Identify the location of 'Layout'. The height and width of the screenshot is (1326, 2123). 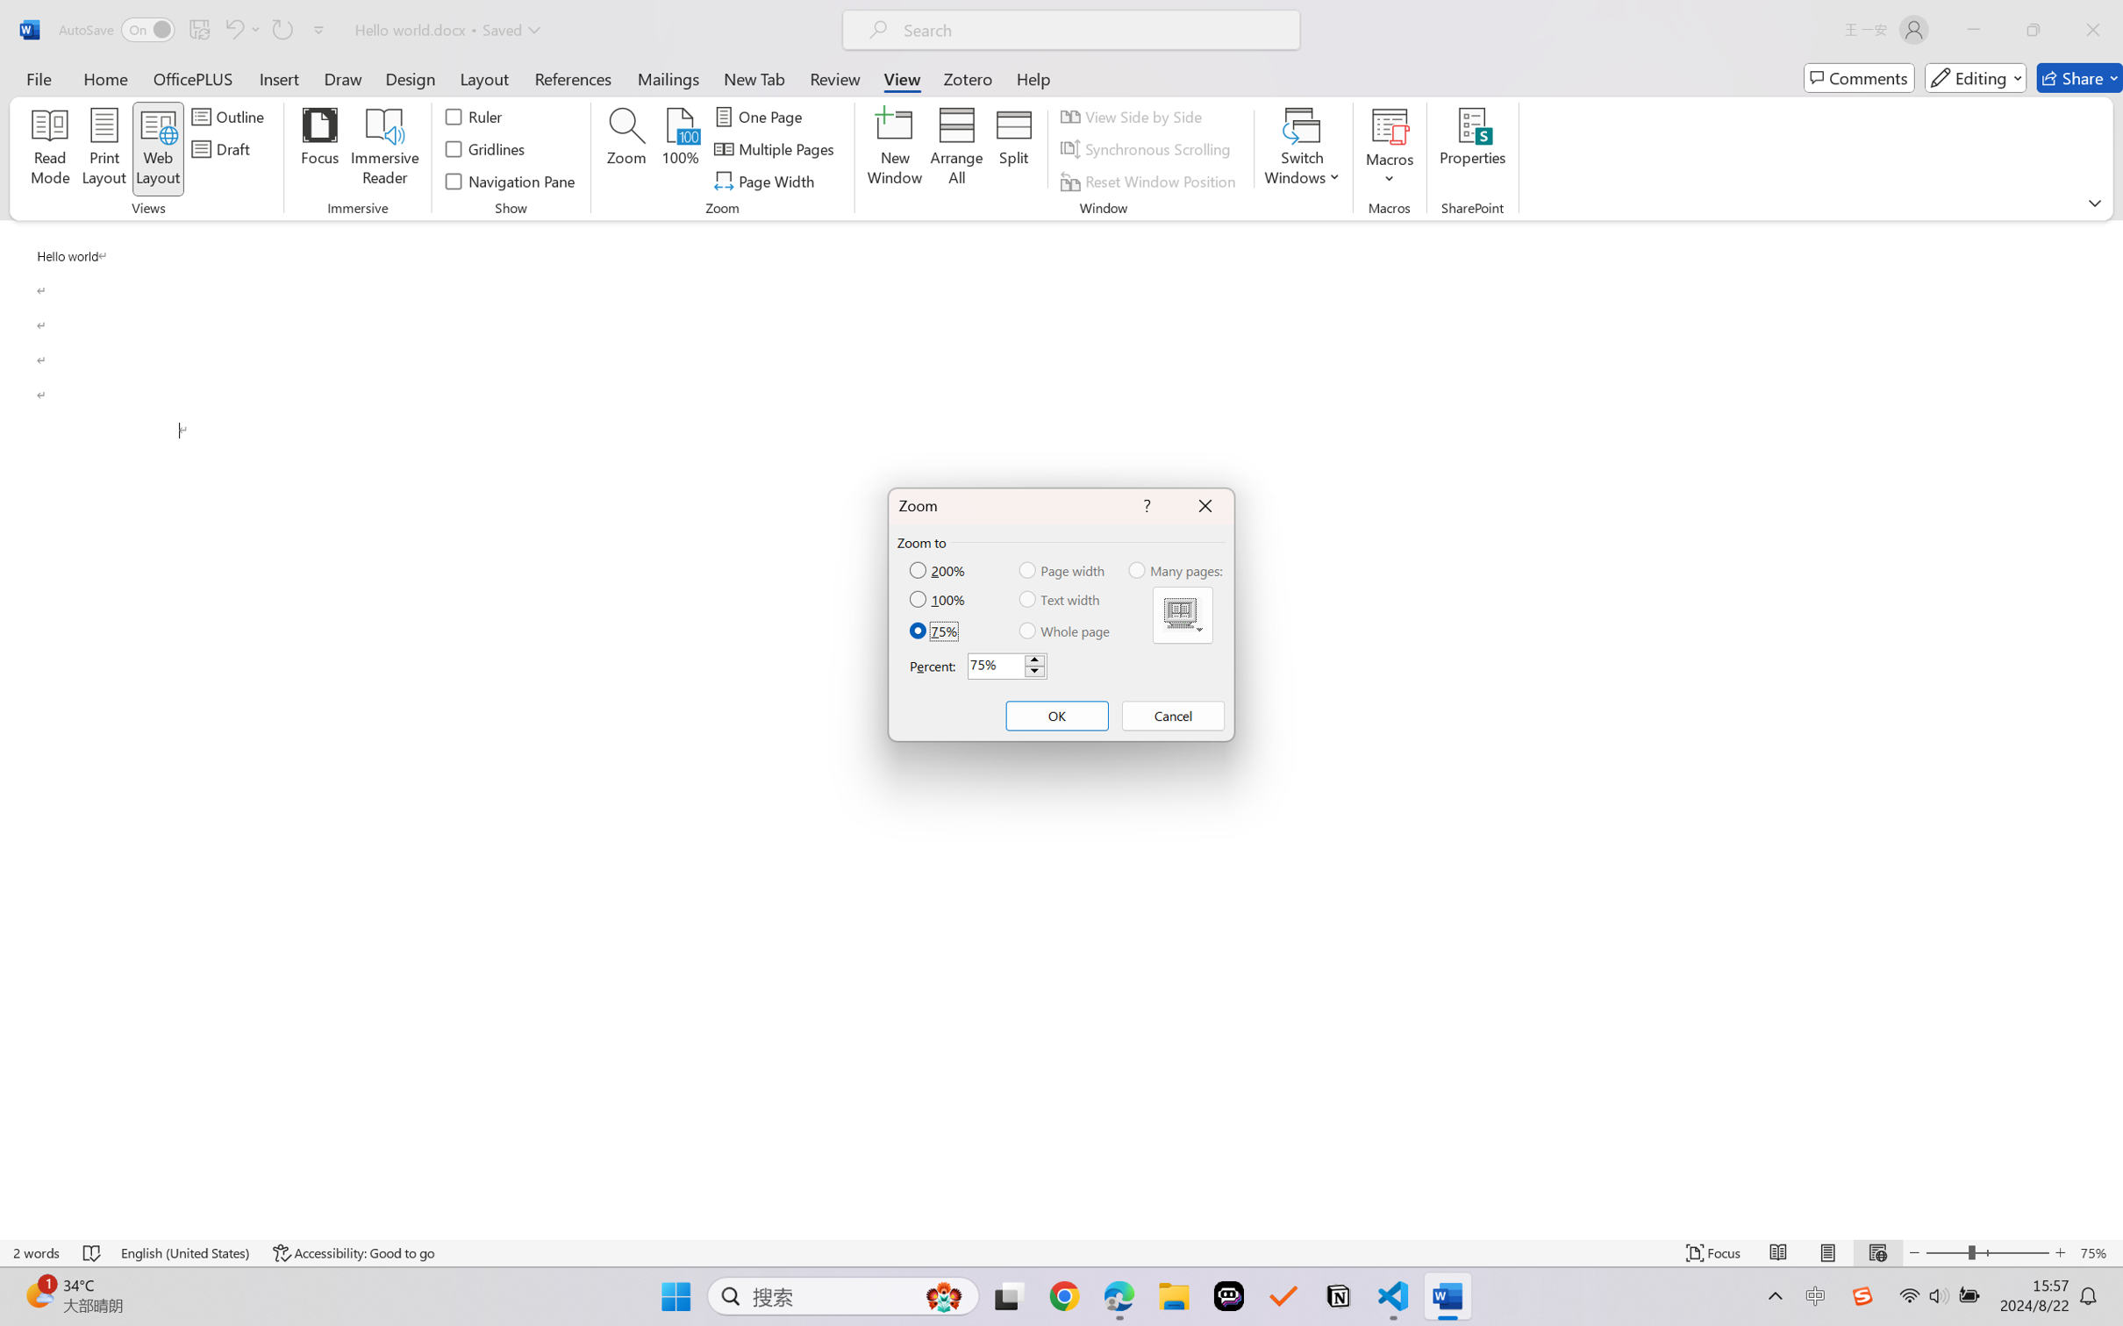
(482, 77).